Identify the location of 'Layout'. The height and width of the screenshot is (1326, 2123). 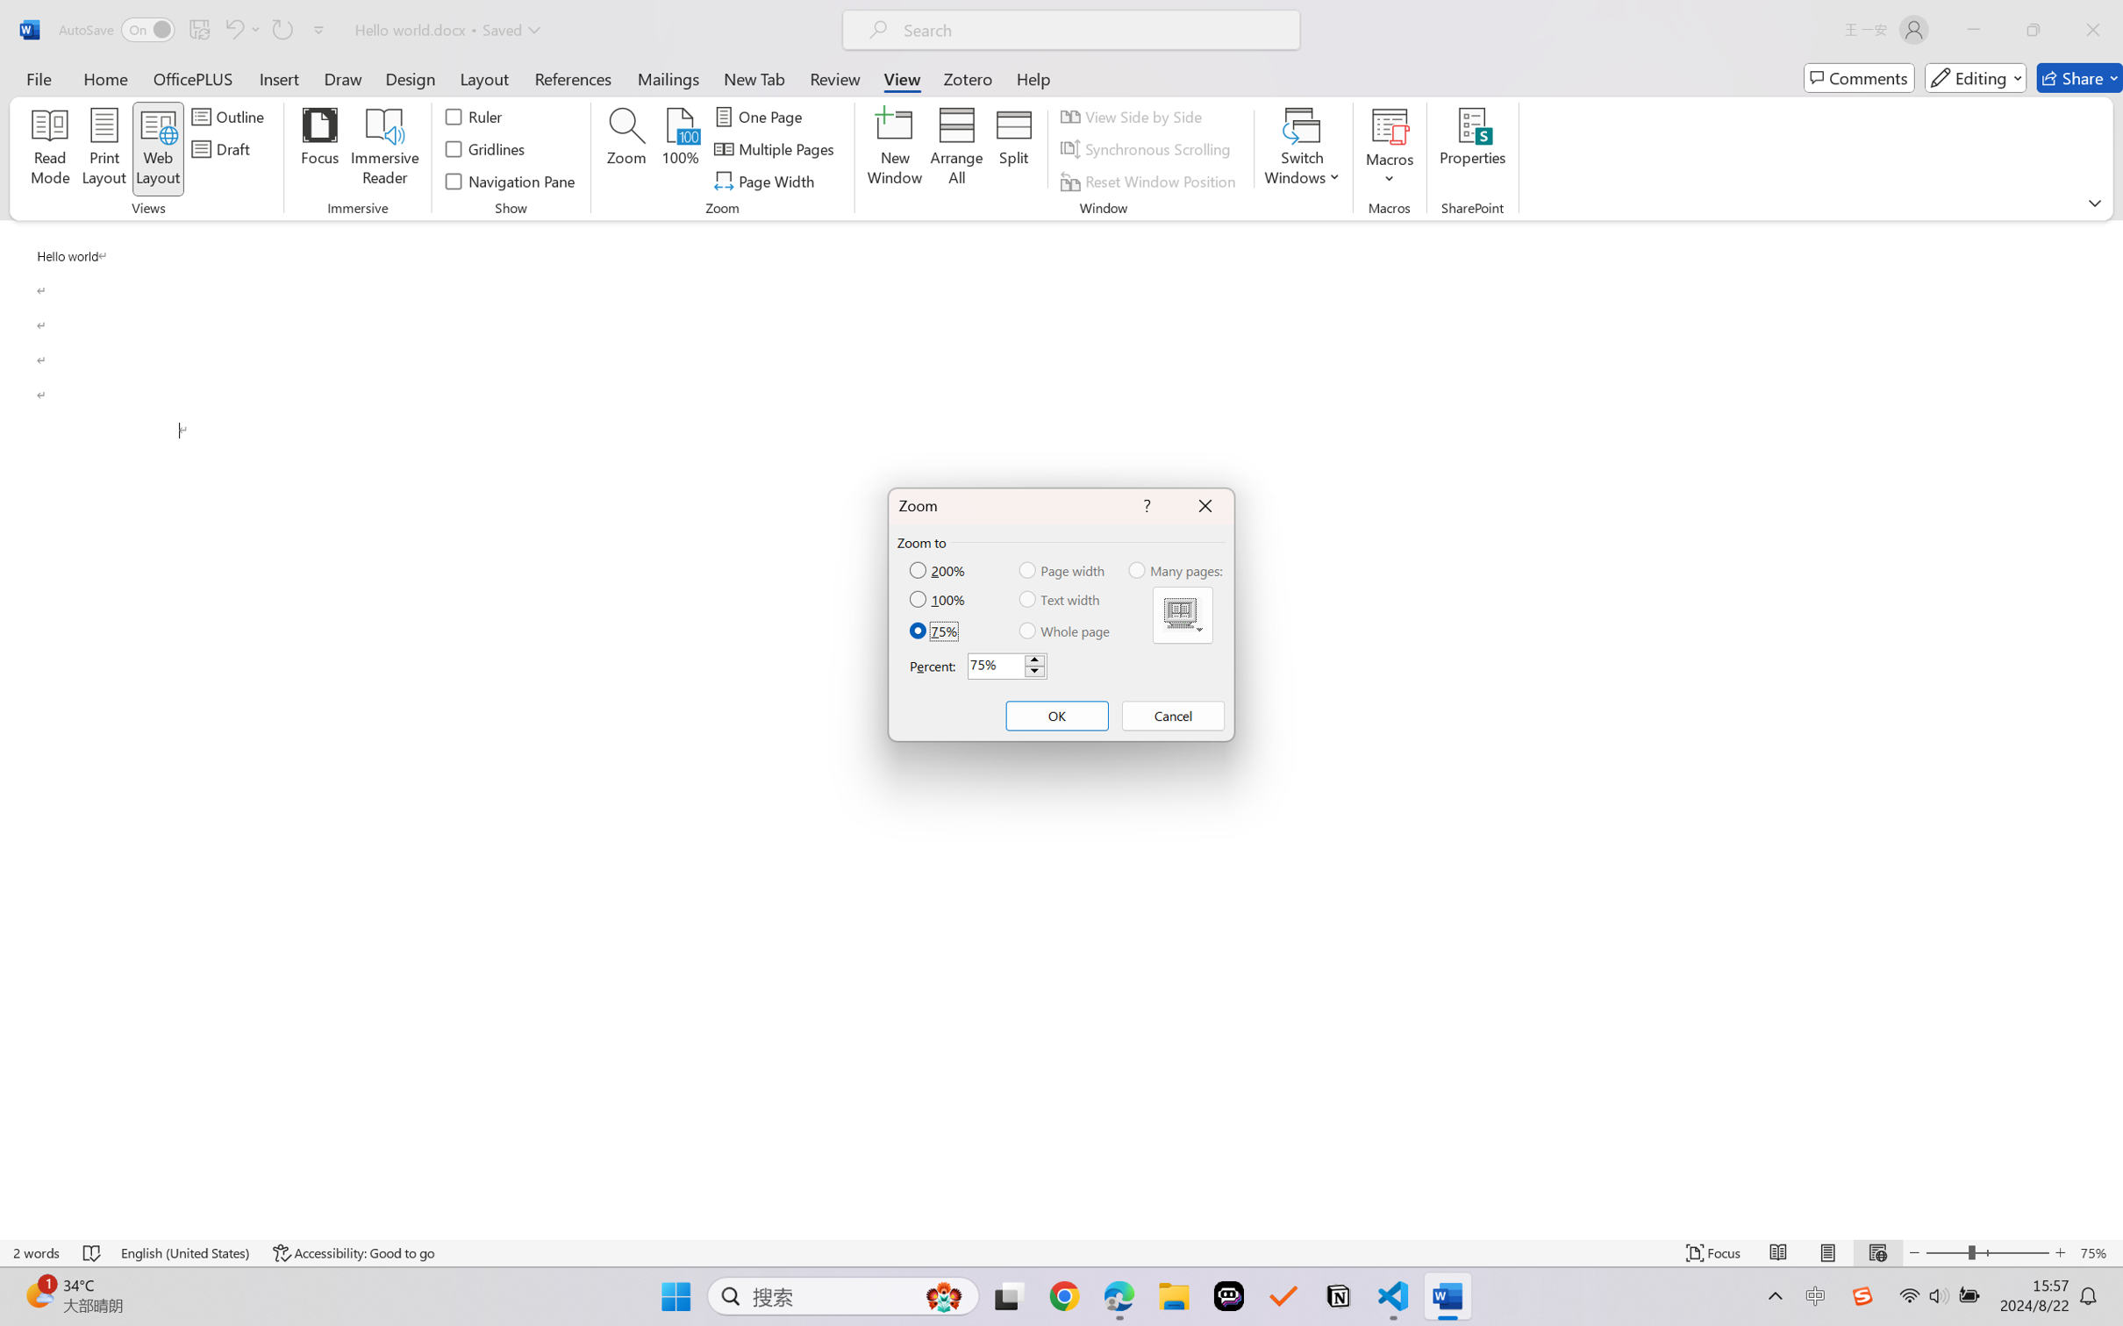
(482, 77).